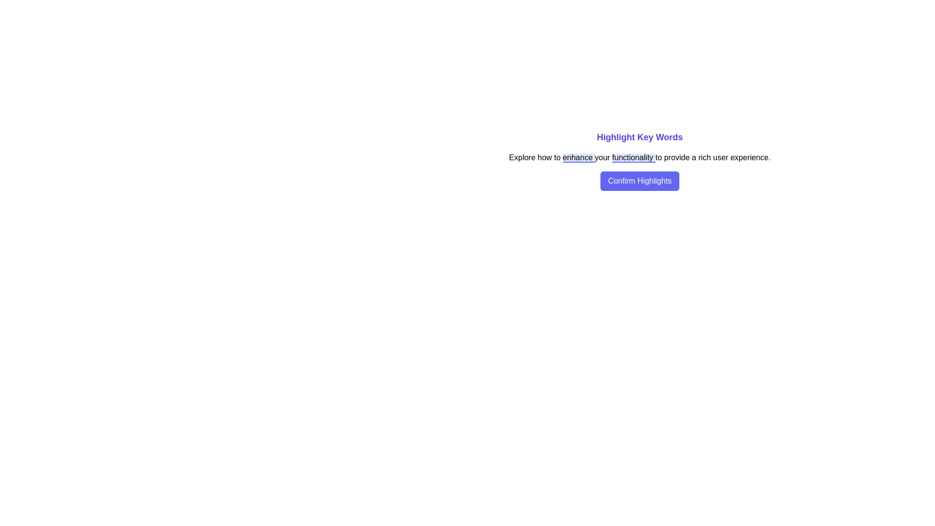 This screenshot has width=935, height=526. Describe the element at coordinates (634, 157) in the screenshot. I see `the TextLabel displaying the word 'functionality', which is styled with a light indigo background and a bolded bottom border, located between the words 'your' and 'to'` at that location.